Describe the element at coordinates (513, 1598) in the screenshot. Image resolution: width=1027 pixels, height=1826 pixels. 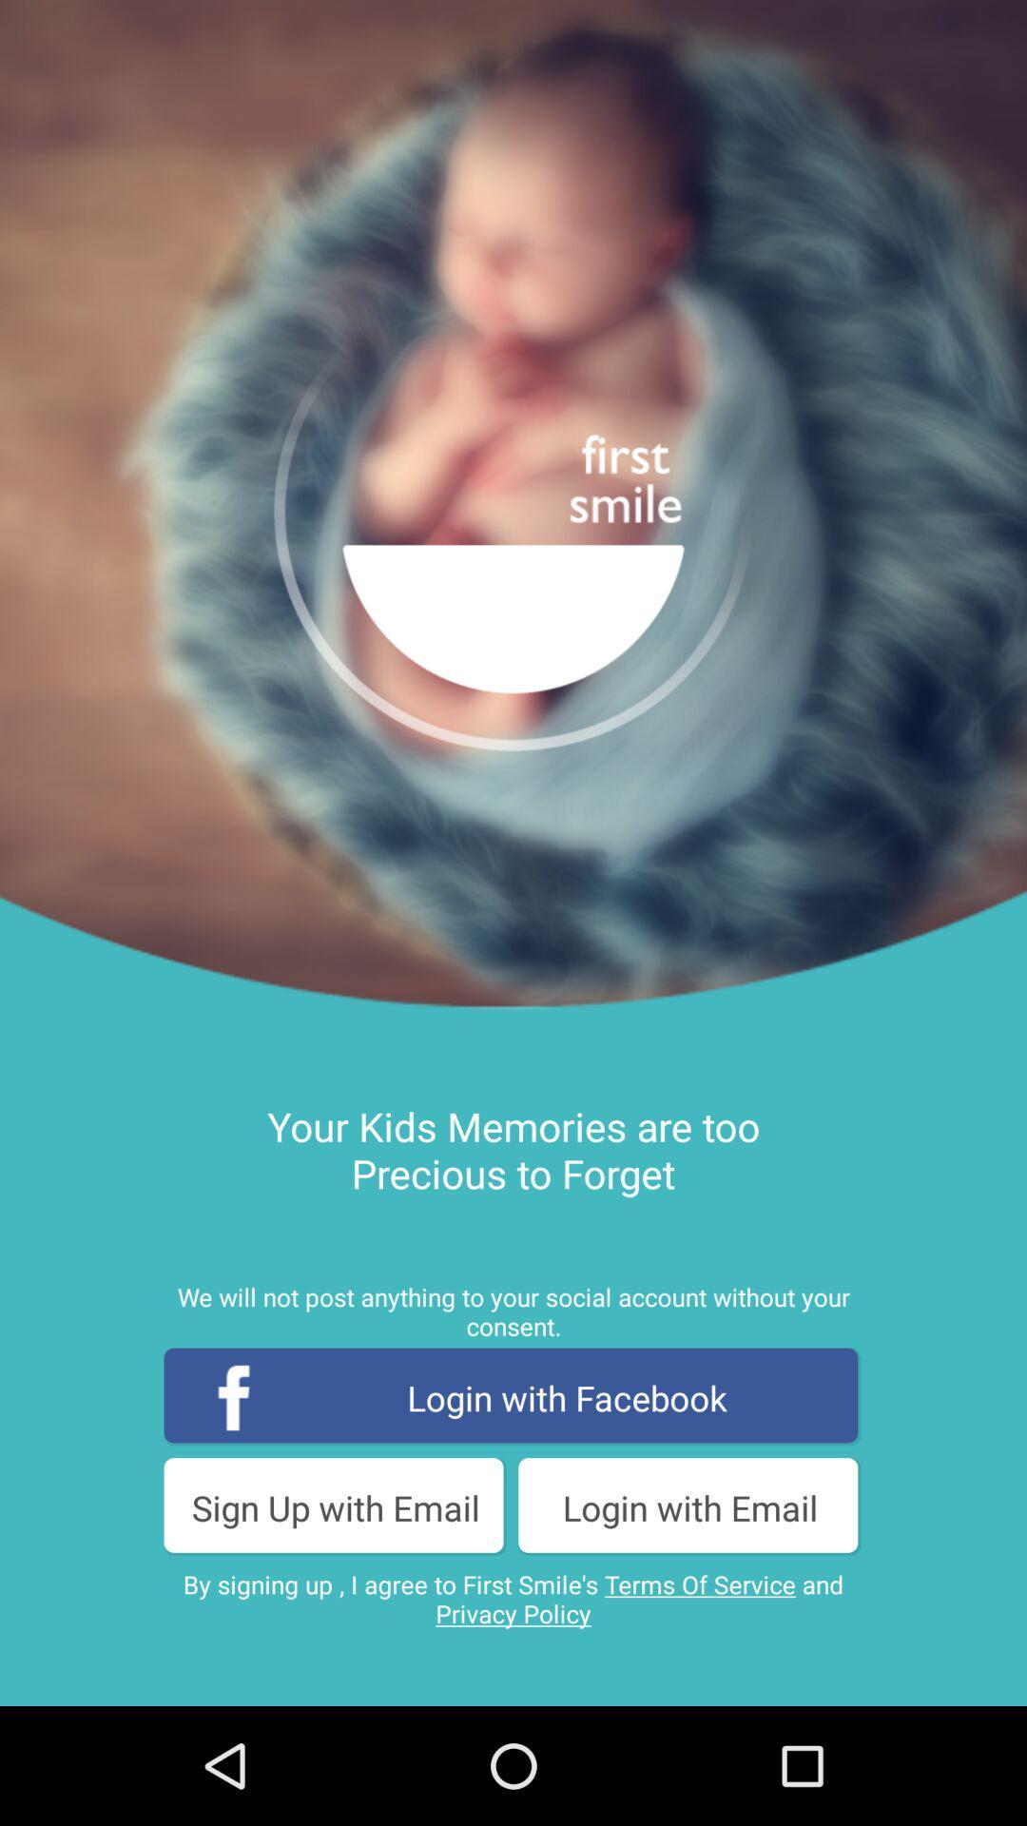
I see `the by signing up app` at that location.